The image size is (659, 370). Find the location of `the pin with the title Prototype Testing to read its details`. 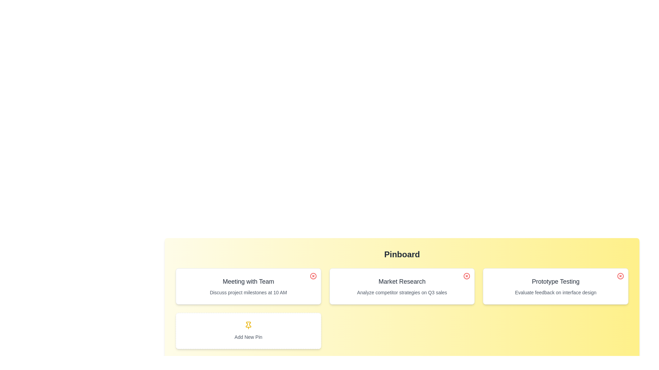

the pin with the title Prototype Testing to read its details is located at coordinates (556, 286).